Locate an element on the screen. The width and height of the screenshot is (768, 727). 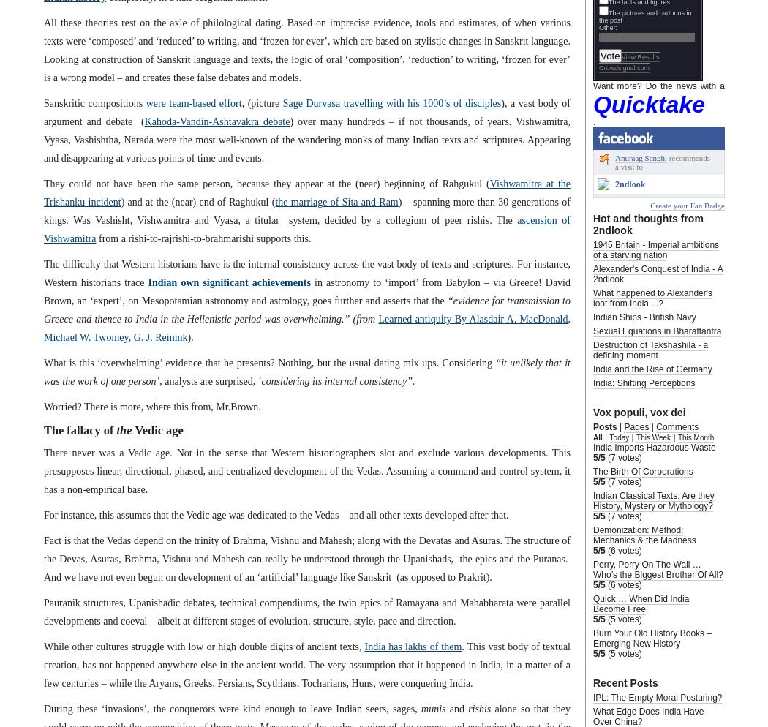
'All these theories rest on the axle of philological dating. Based on imprecise evidence, tools and estimates, of when various texts were ‘composed’ and ‘reduced’ to writing, and ‘frozen for ever’, which are based on stylistic changes in Sanskrit language. Looking at construction of Sanskrit language and texts, the logic of oral ‘composition’, ‘reduction’ to writing, ‘frozen for ever’ is a wrong model – and creates these false debates and models.' is located at coordinates (306, 48).